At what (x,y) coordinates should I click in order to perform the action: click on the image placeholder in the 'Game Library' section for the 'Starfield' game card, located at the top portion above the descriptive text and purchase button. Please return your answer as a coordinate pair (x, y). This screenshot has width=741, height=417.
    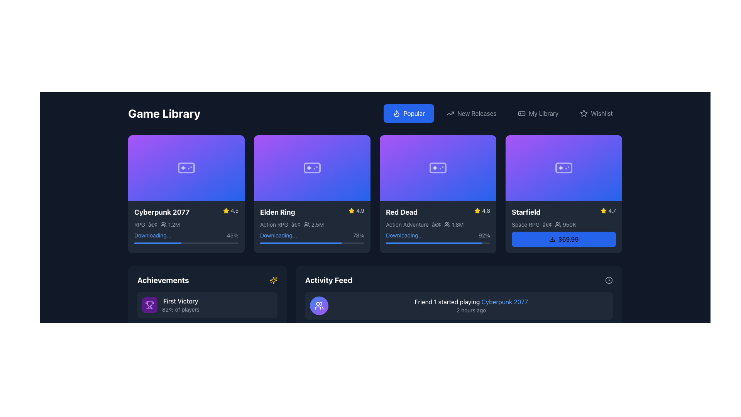
    Looking at the image, I should click on (563, 167).